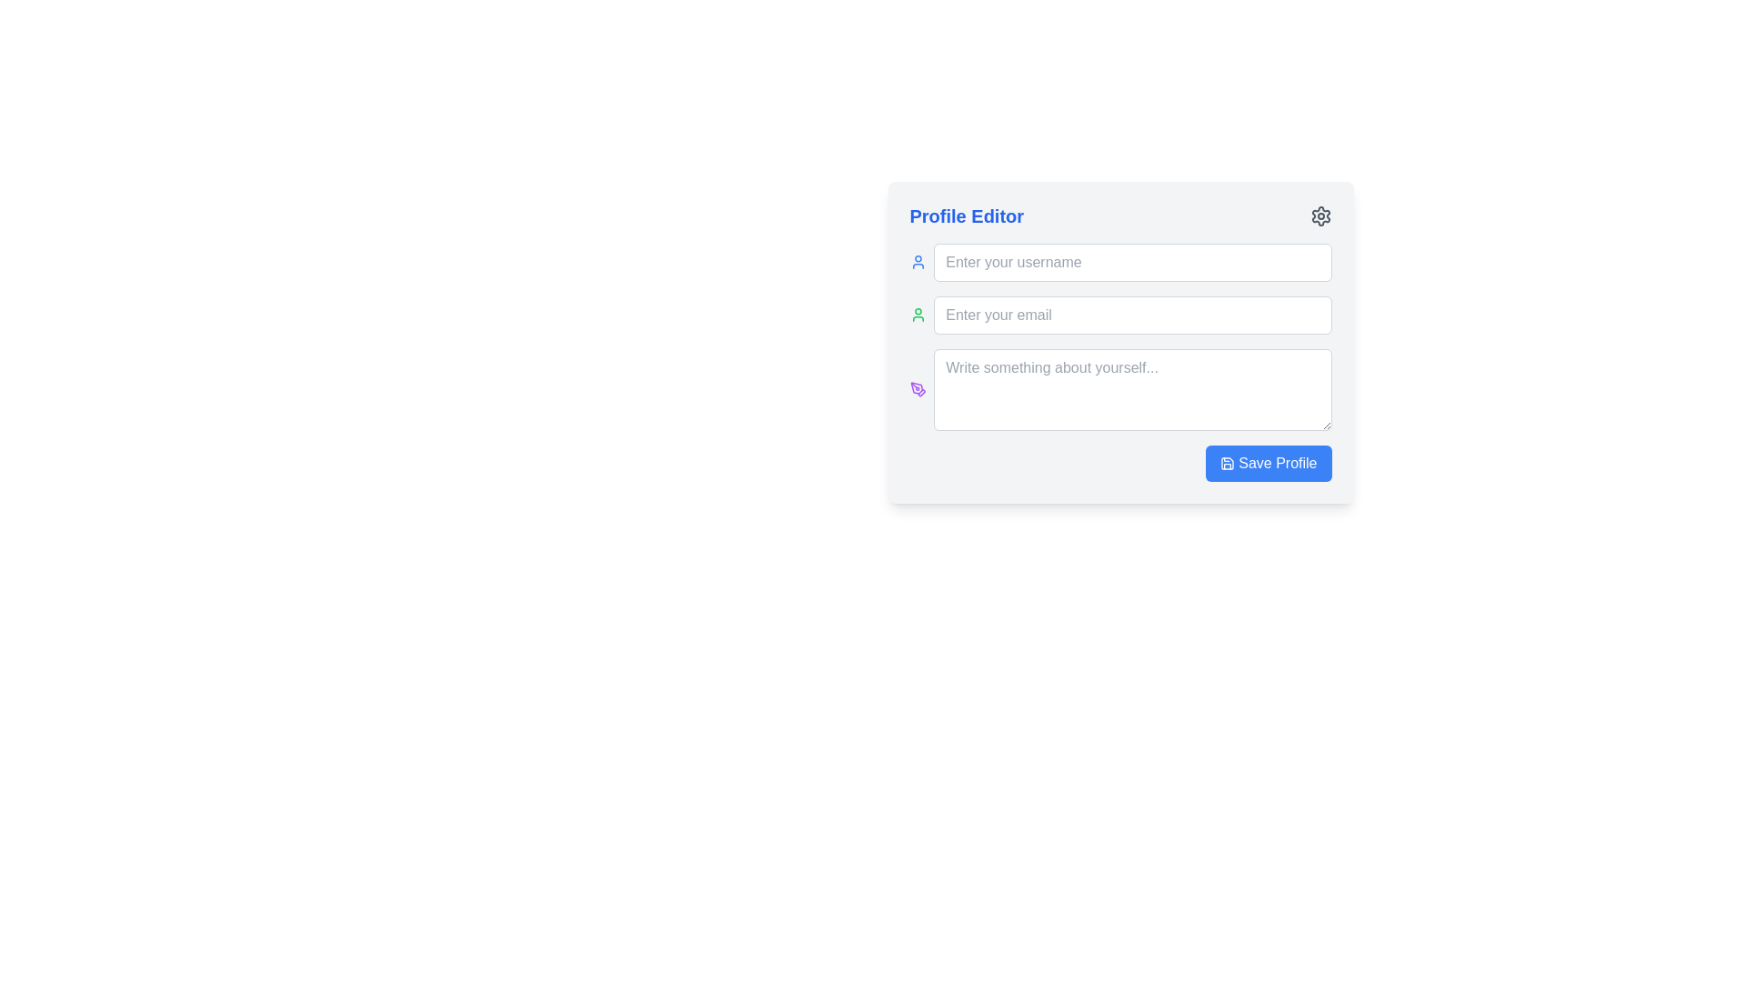 This screenshot has width=1746, height=982. Describe the element at coordinates (918, 388) in the screenshot. I see `the decorative icon located to the left of the text area with the placeholder 'Write something about yourself...' in the 'Profile Editor' modal` at that location.